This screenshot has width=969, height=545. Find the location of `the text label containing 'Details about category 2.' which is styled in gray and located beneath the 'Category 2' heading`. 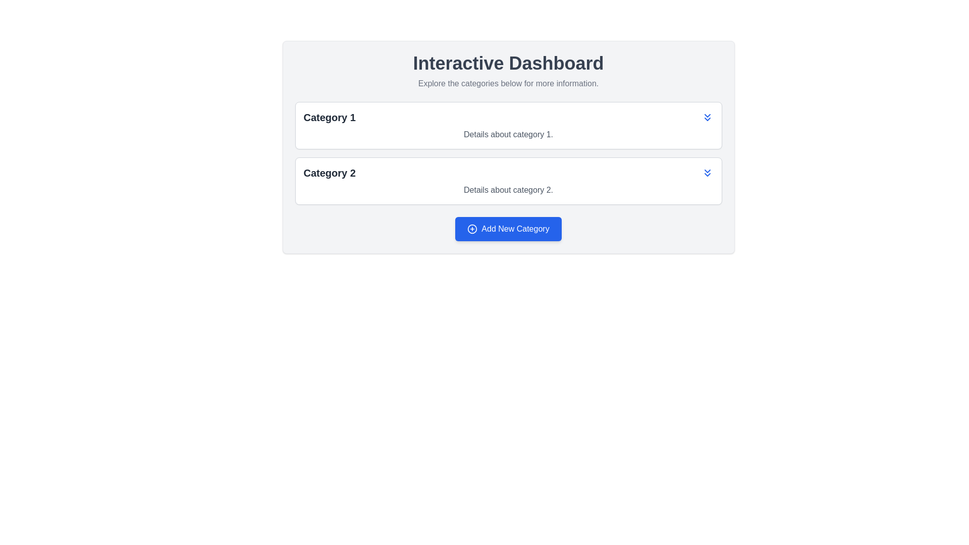

the text label containing 'Details about category 2.' which is styled in gray and located beneath the 'Category 2' heading is located at coordinates (508, 190).